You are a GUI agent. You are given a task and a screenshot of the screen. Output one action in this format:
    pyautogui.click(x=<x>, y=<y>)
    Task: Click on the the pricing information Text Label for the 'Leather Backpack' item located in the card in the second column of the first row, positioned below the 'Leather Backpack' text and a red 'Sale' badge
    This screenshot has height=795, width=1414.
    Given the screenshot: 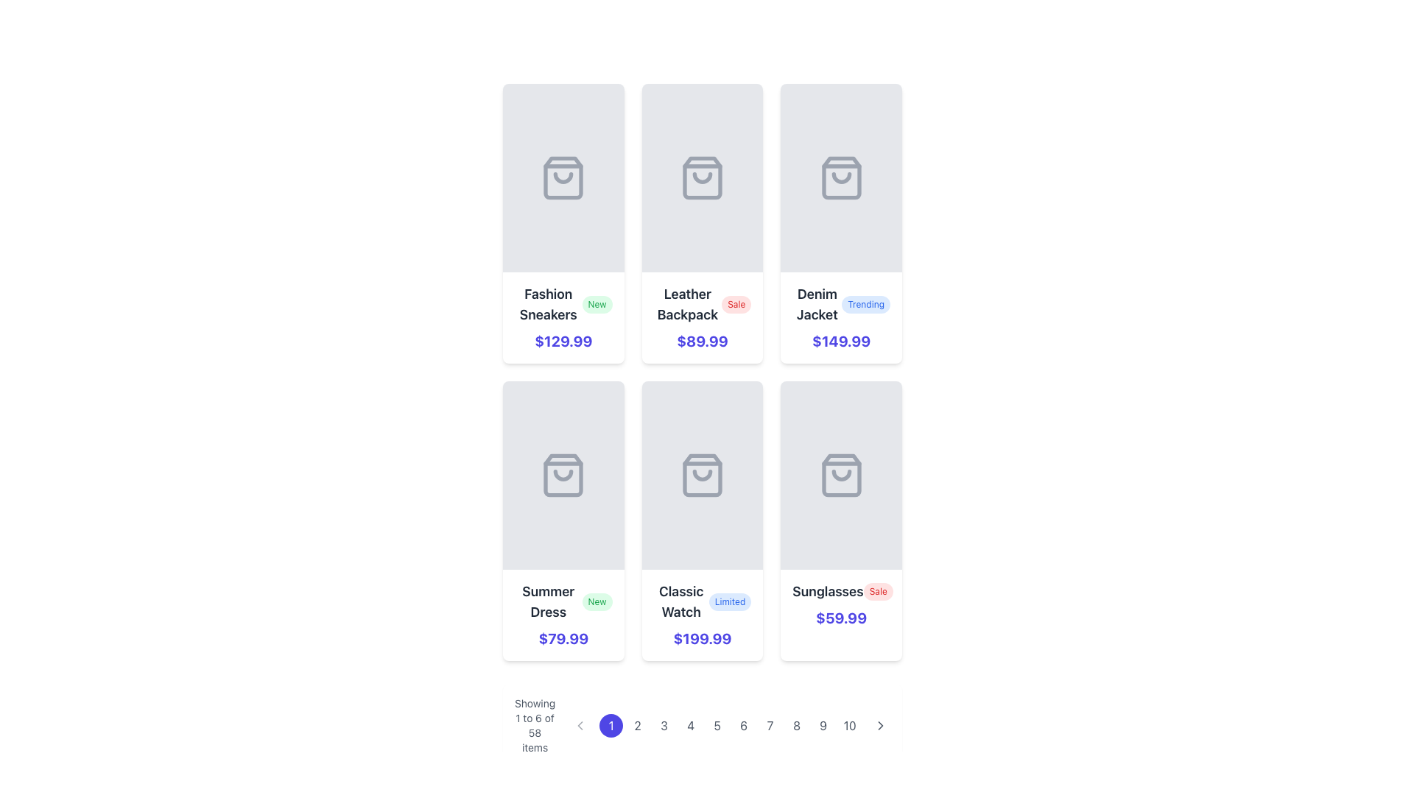 What is the action you would take?
    pyautogui.click(x=702, y=341)
    